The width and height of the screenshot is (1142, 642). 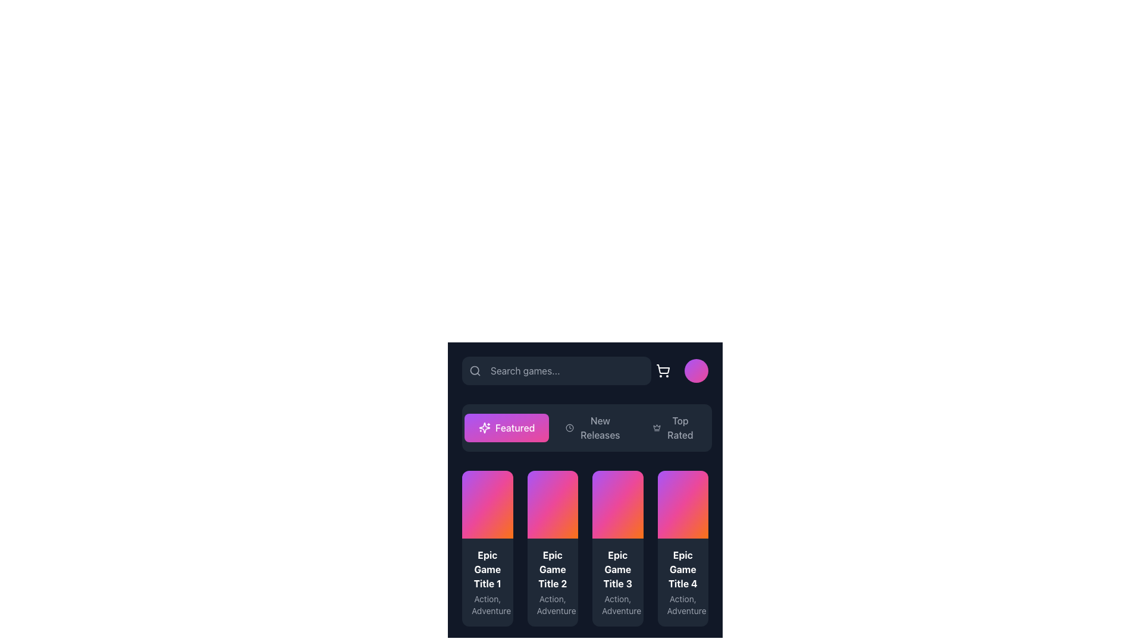 What do you see at coordinates (617, 552) in the screenshot?
I see `the text block element displaying 'Epic Game Title 3' in bold white font, which is` at bounding box center [617, 552].